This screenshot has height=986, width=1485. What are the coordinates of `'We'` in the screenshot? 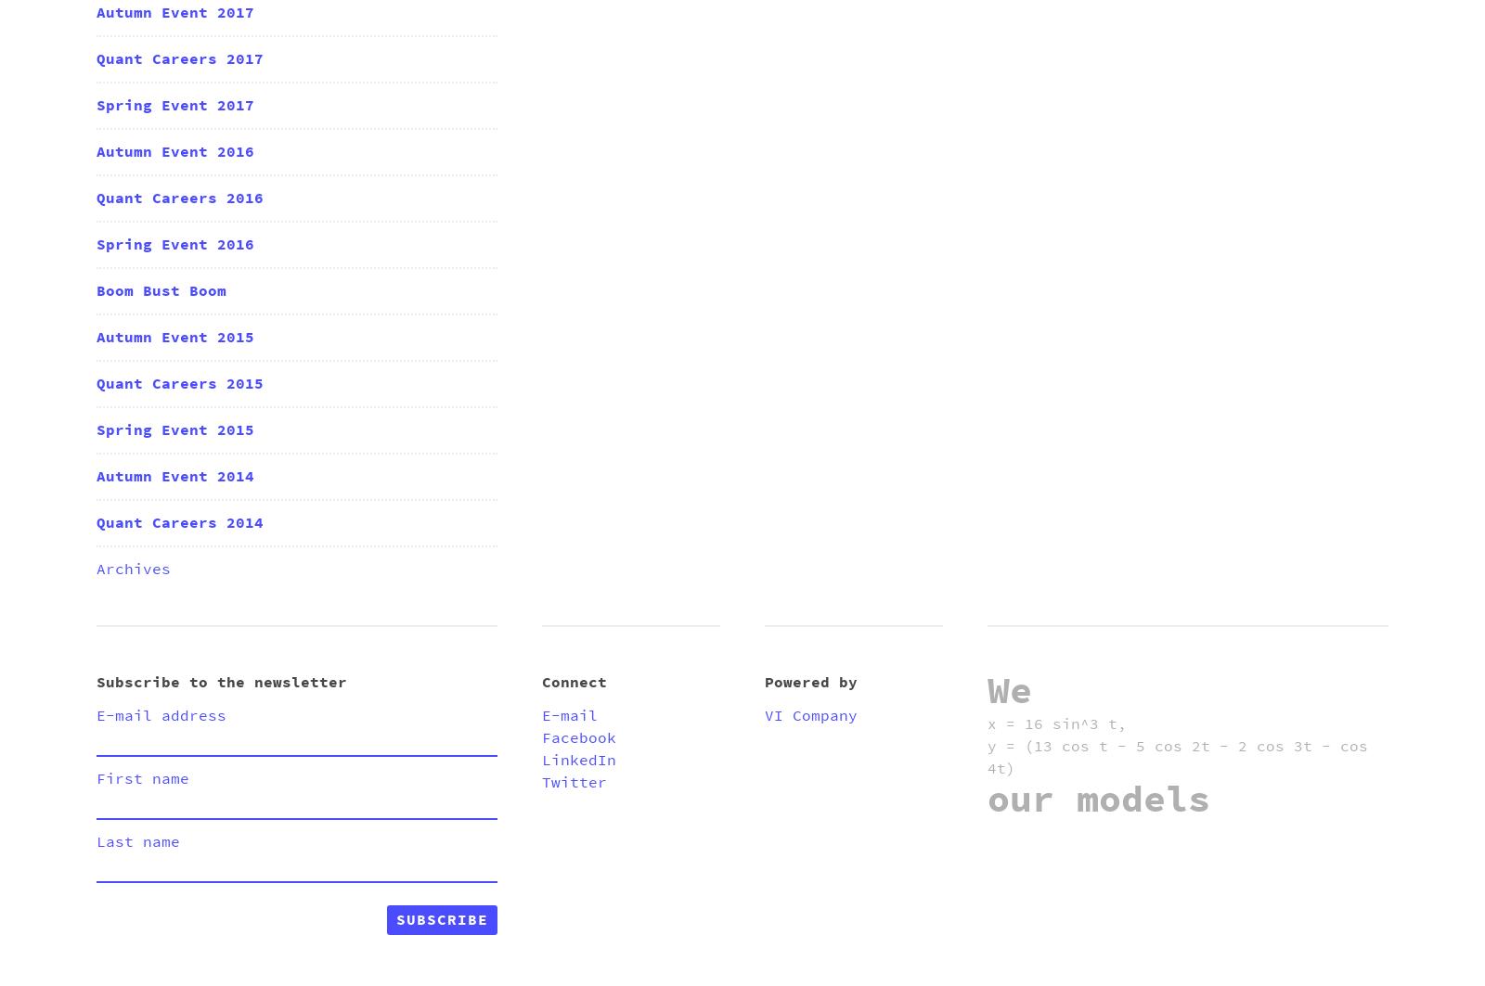 It's located at (1009, 691).